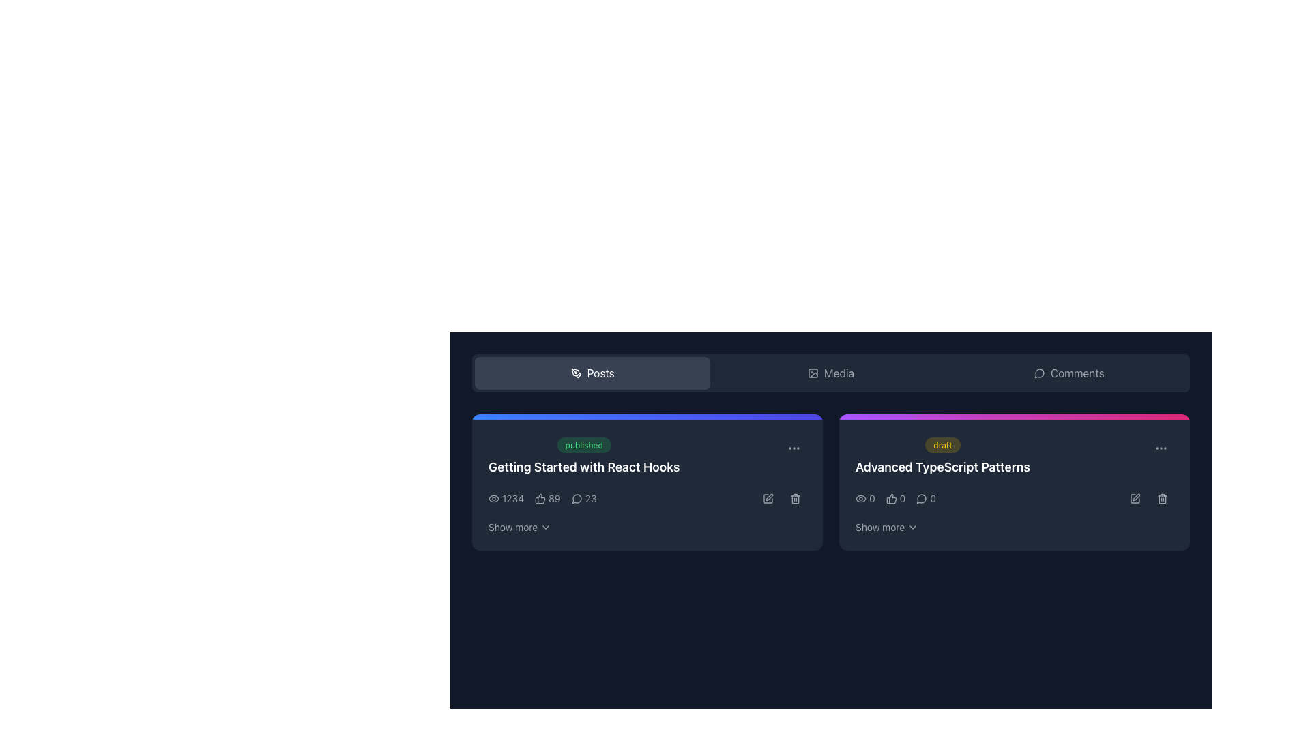 The height and width of the screenshot is (737, 1310). Describe the element at coordinates (592, 373) in the screenshot. I see `the navigation button for 'Posts'` at that location.